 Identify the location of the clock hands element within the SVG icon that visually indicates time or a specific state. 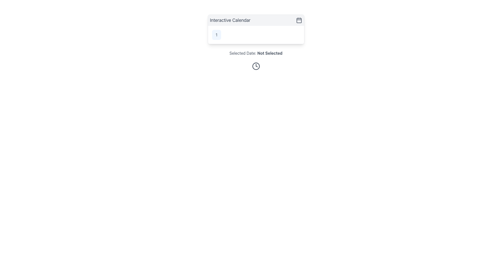
(257, 65).